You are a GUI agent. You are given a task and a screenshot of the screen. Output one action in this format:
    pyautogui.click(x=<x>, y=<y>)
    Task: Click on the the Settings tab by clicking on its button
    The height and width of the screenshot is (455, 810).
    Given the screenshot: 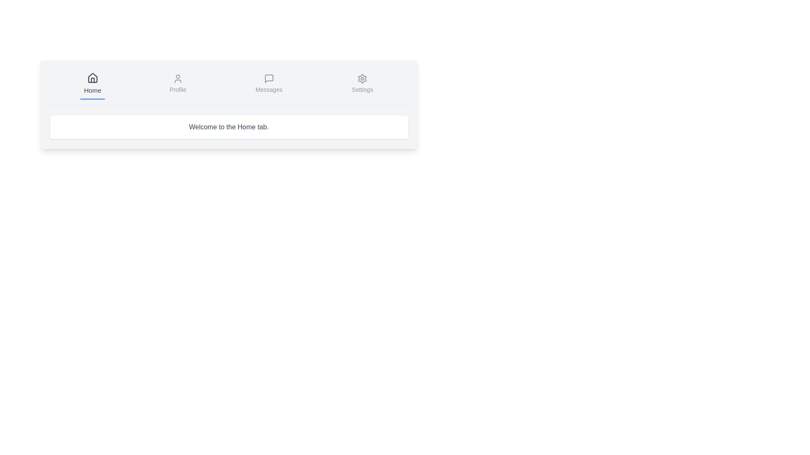 What is the action you would take?
    pyautogui.click(x=362, y=84)
    